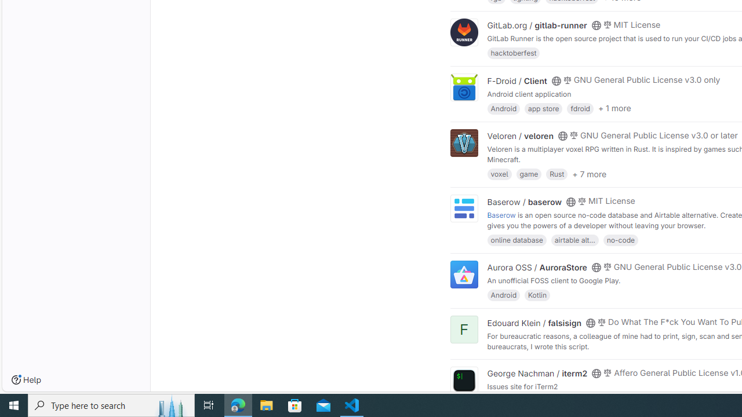 The width and height of the screenshot is (742, 417). What do you see at coordinates (537, 294) in the screenshot?
I see `'Kotlin'` at bounding box center [537, 294].